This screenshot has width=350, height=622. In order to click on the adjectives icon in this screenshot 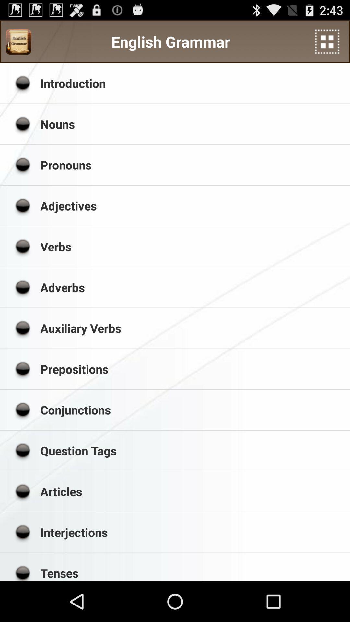, I will do `click(192, 205)`.